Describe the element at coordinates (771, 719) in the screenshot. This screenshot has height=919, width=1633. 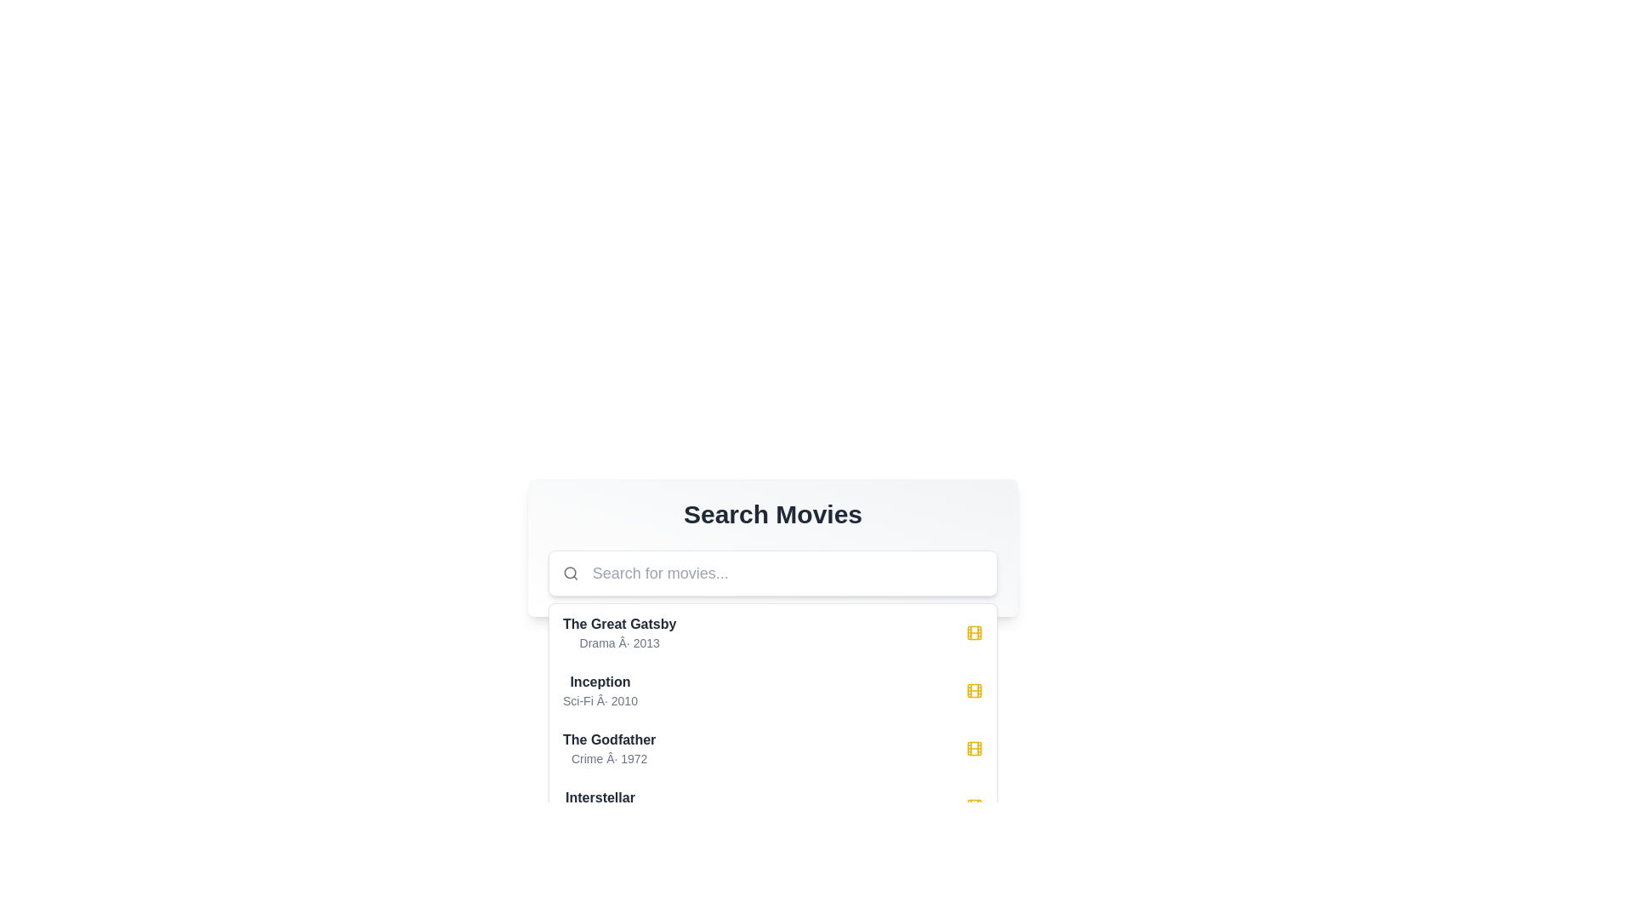
I see `the third item` at that location.